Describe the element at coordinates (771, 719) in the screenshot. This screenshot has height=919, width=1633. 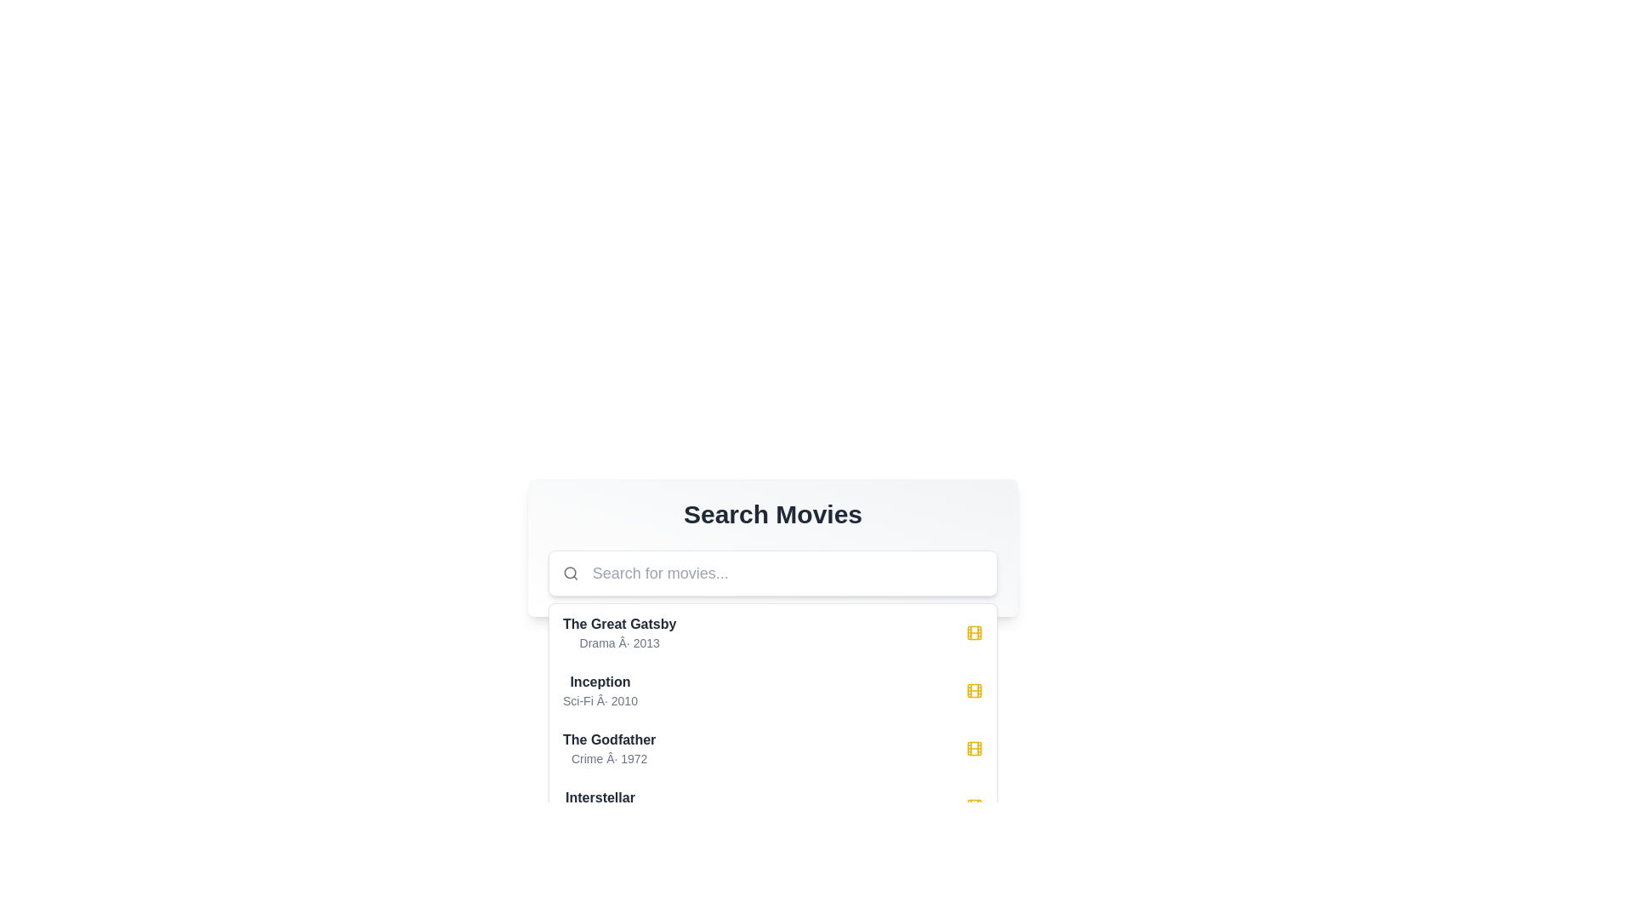
I see `the third item` at that location.